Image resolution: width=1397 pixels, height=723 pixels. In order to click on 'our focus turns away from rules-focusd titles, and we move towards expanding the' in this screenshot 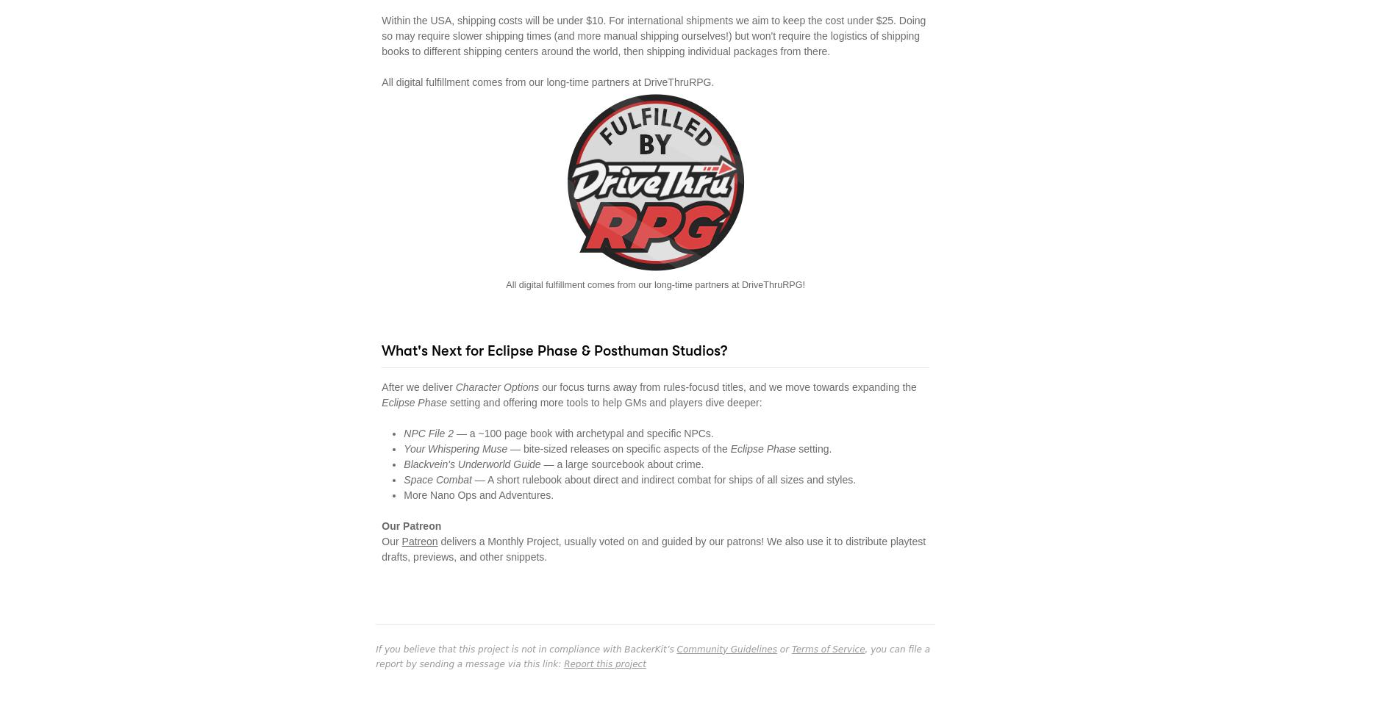, I will do `click(538, 386)`.